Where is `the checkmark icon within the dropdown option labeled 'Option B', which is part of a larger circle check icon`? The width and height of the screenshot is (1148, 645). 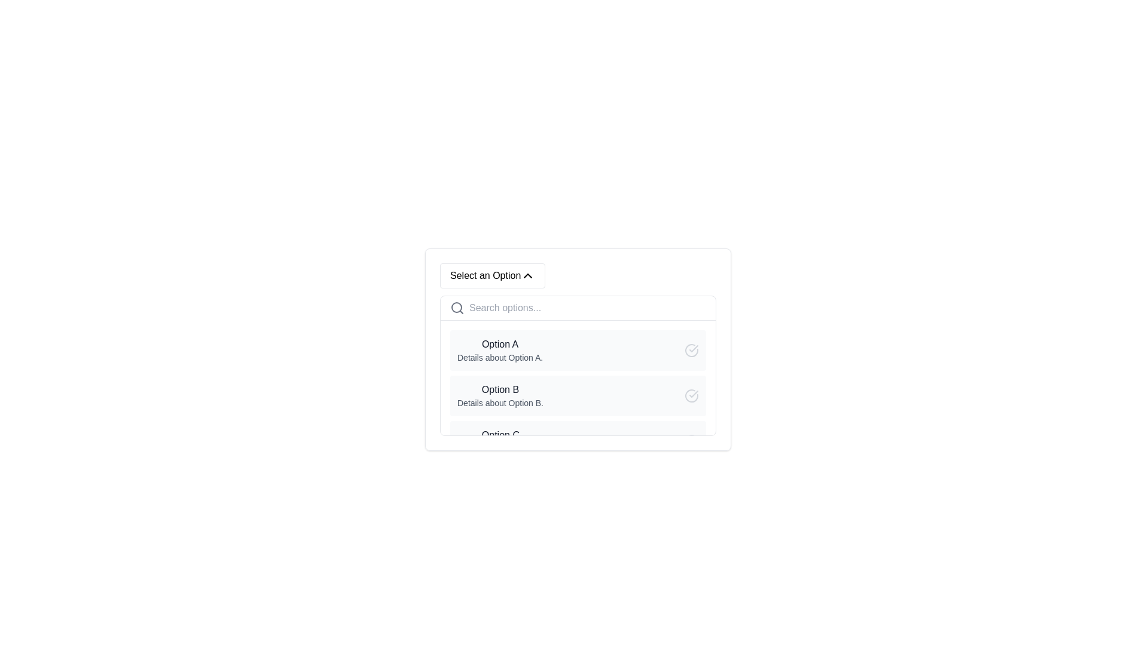 the checkmark icon within the dropdown option labeled 'Option B', which is part of a larger circle check icon is located at coordinates (694, 348).